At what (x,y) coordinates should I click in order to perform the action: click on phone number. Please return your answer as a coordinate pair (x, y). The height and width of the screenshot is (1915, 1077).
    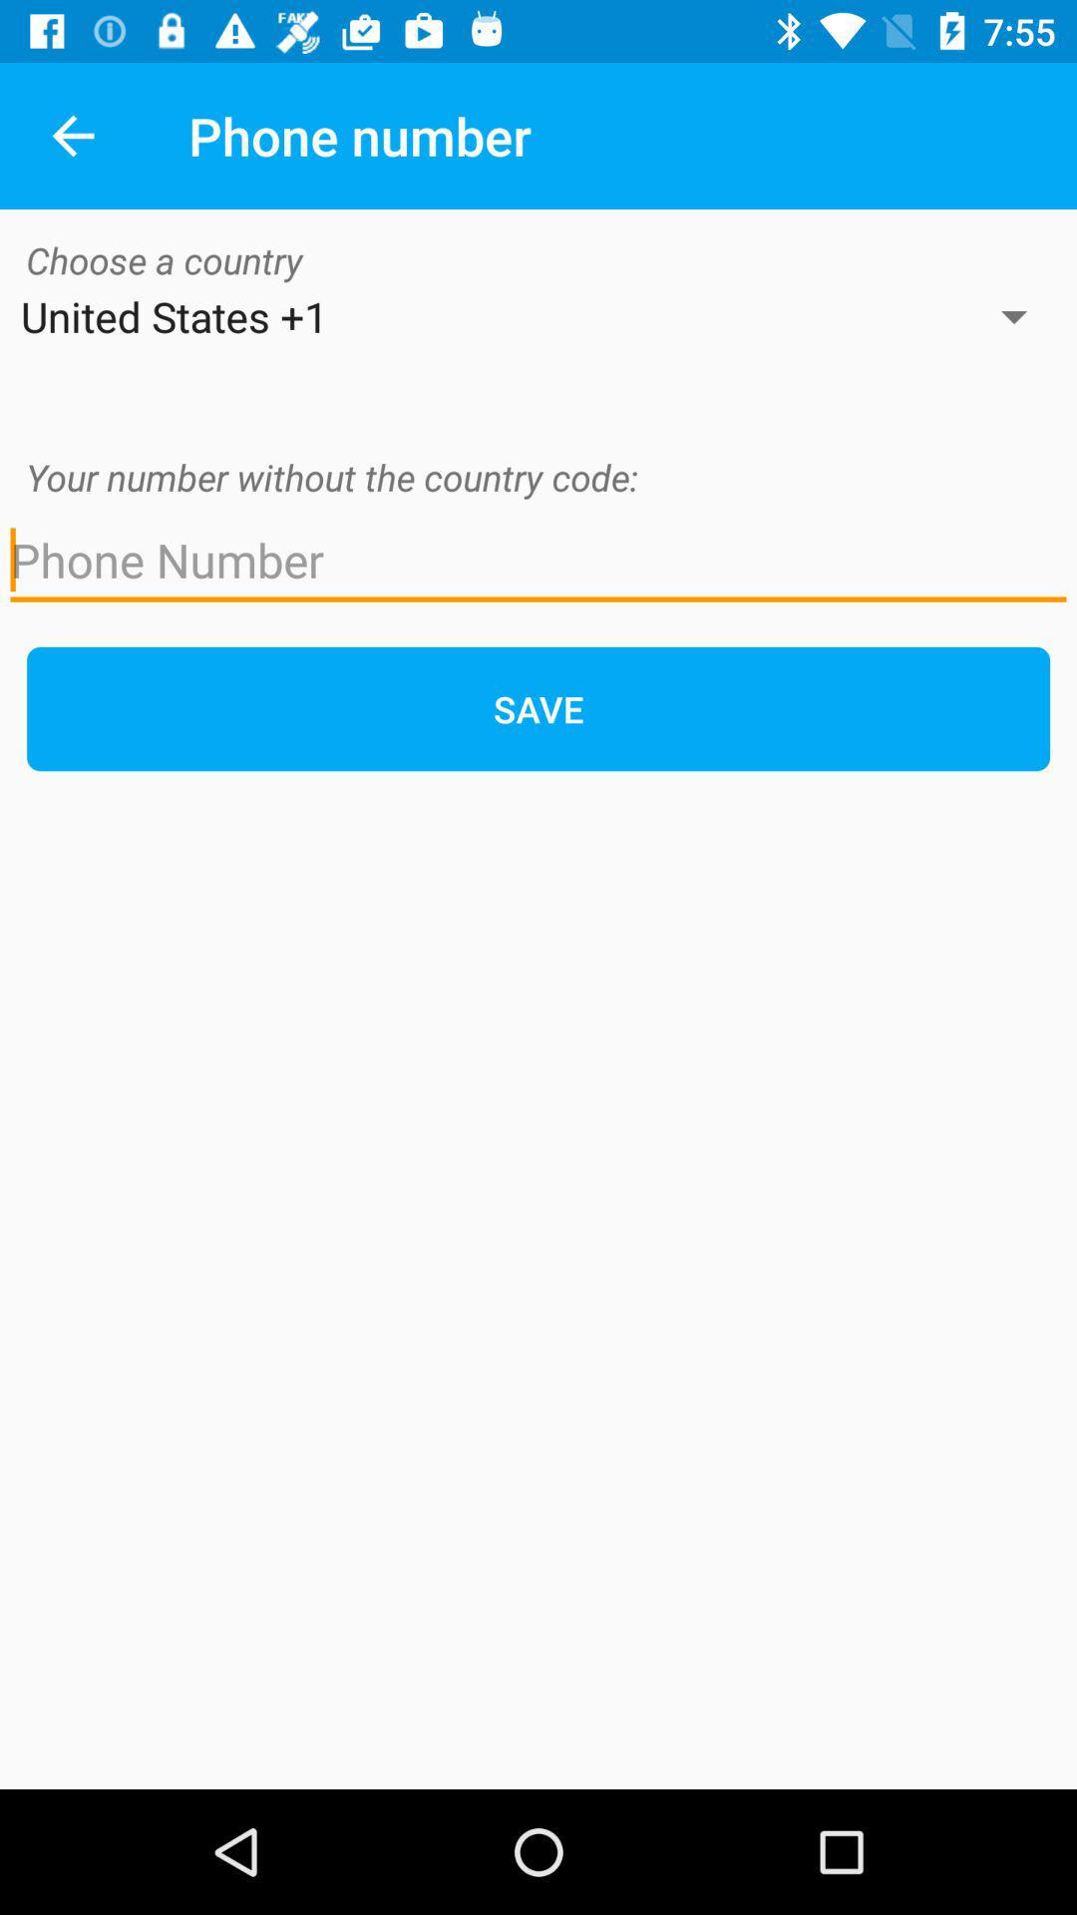
    Looking at the image, I should click on (538, 560).